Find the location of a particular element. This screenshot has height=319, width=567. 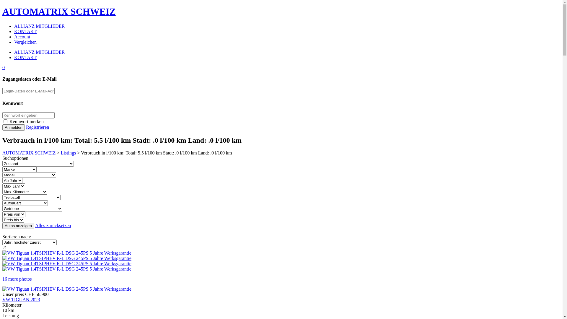

'Vergleichen' is located at coordinates (25, 42).